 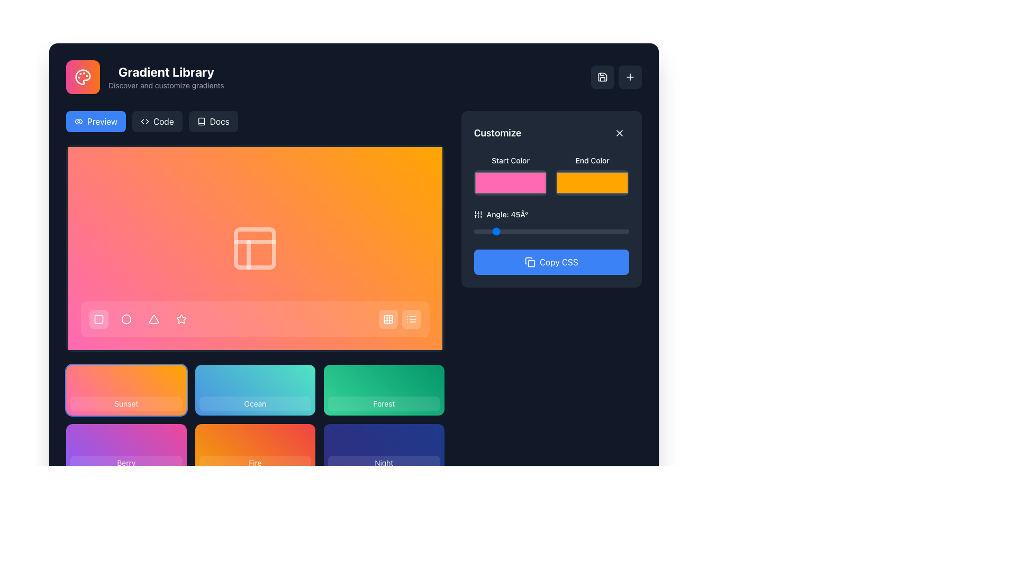 I want to click on the close button located at the top-right corner of the 'Customize' dialog box, so click(x=620, y=132).